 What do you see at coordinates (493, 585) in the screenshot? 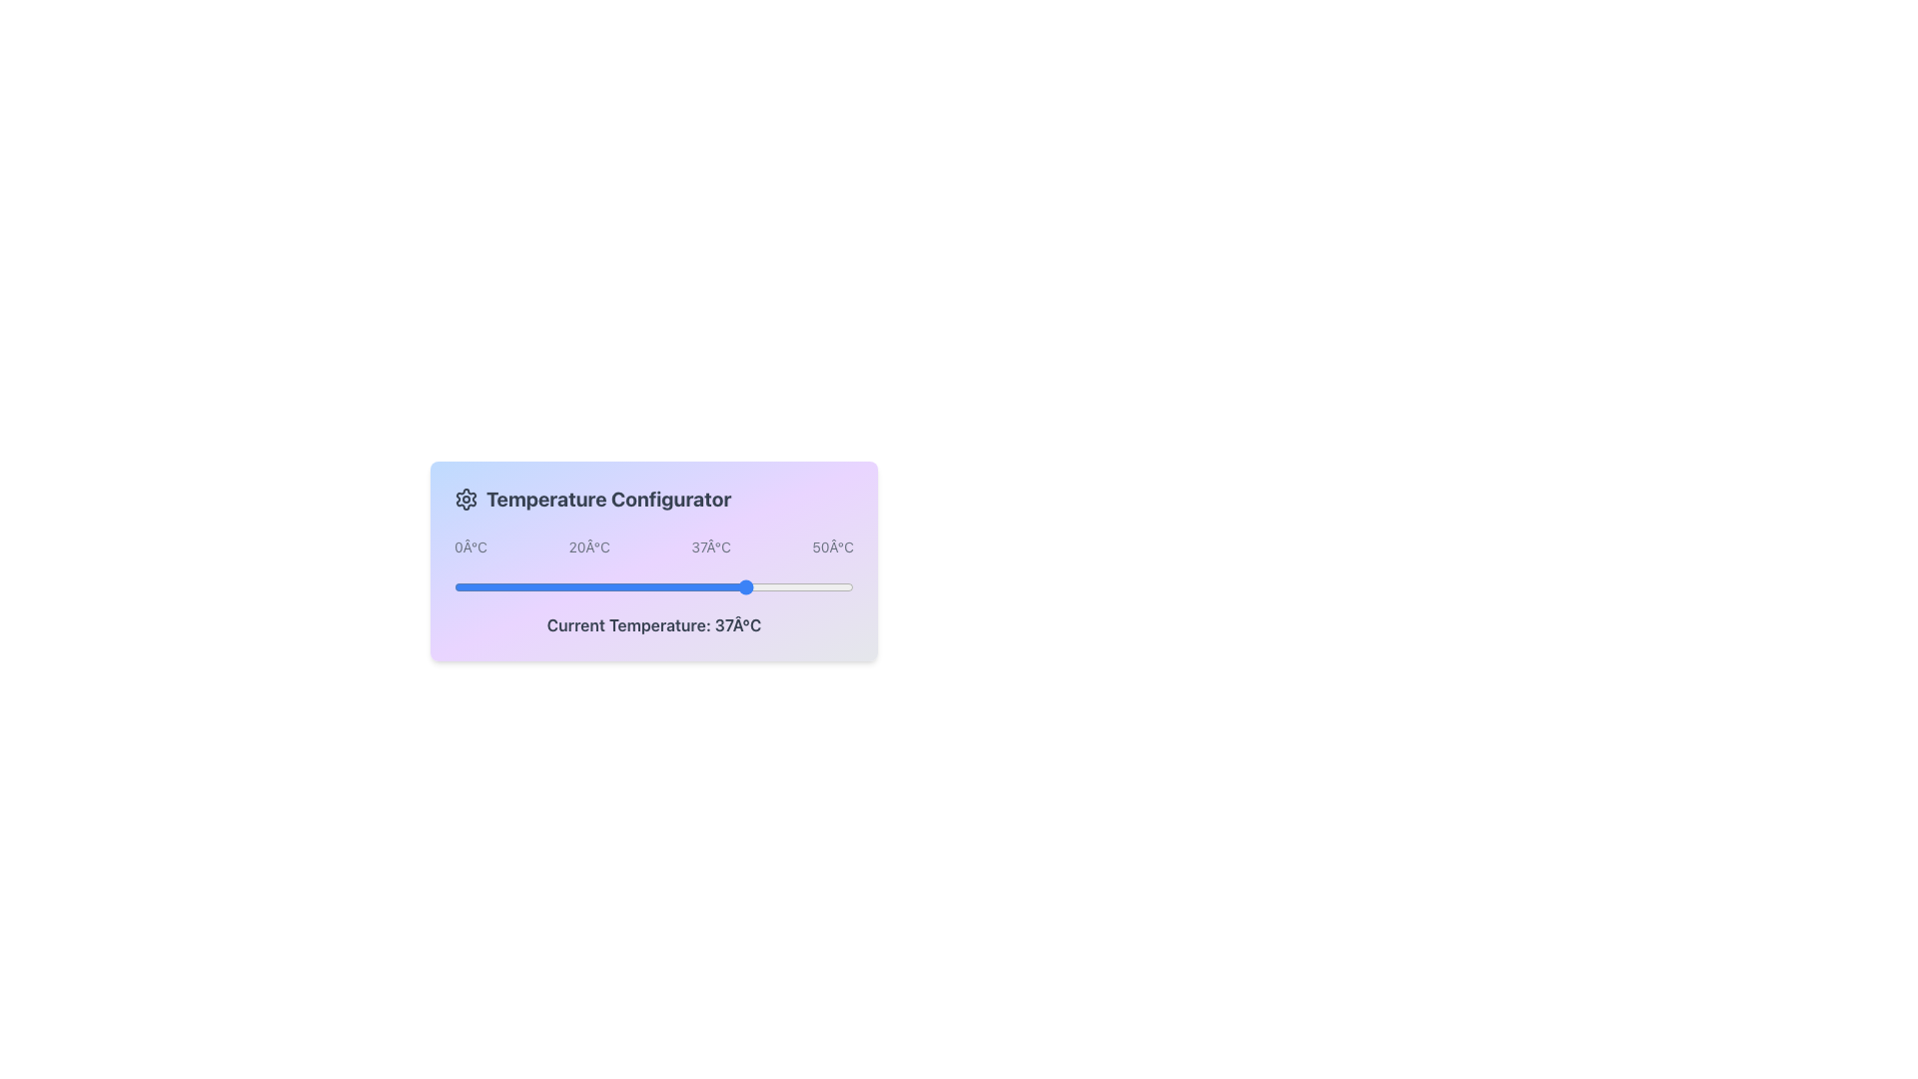
I see `the temperature` at bounding box center [493, 585].